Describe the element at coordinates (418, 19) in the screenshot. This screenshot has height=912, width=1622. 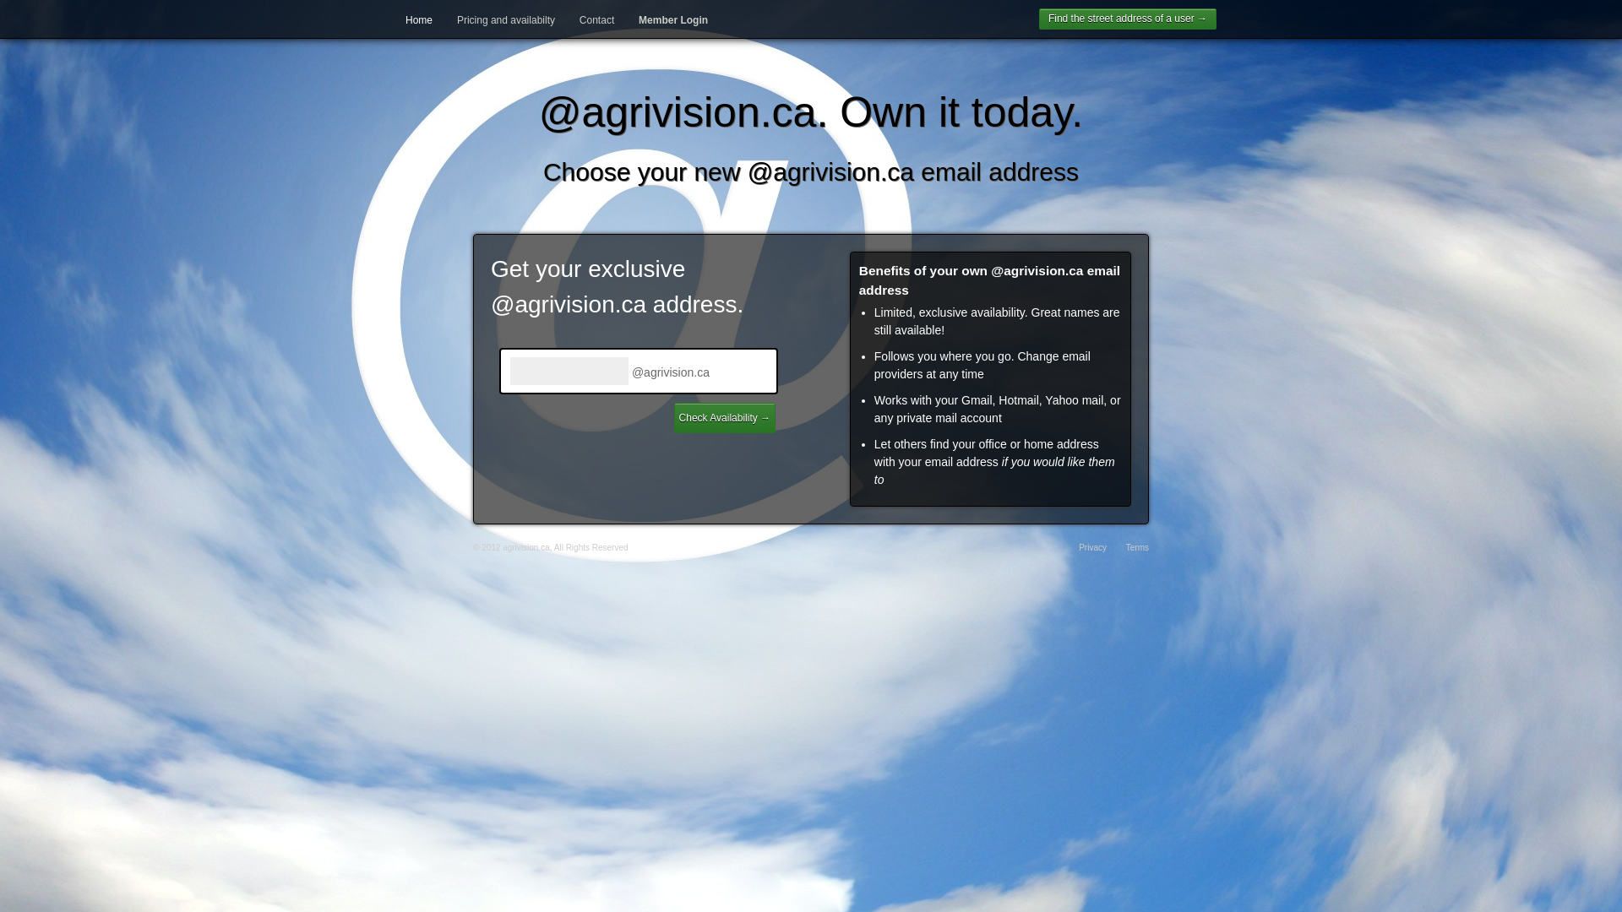
I see `'Home'` at that location.